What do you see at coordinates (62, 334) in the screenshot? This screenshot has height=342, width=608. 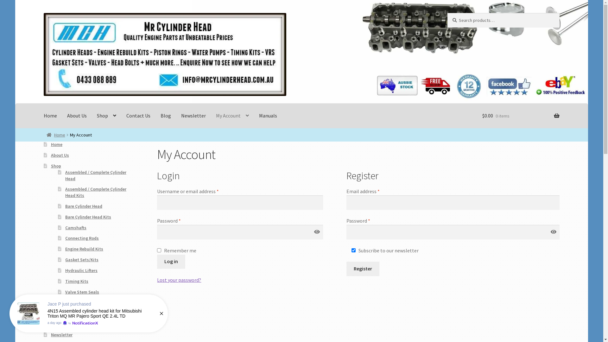 I see `'Newsletter'` at bounding box center [62, 334].